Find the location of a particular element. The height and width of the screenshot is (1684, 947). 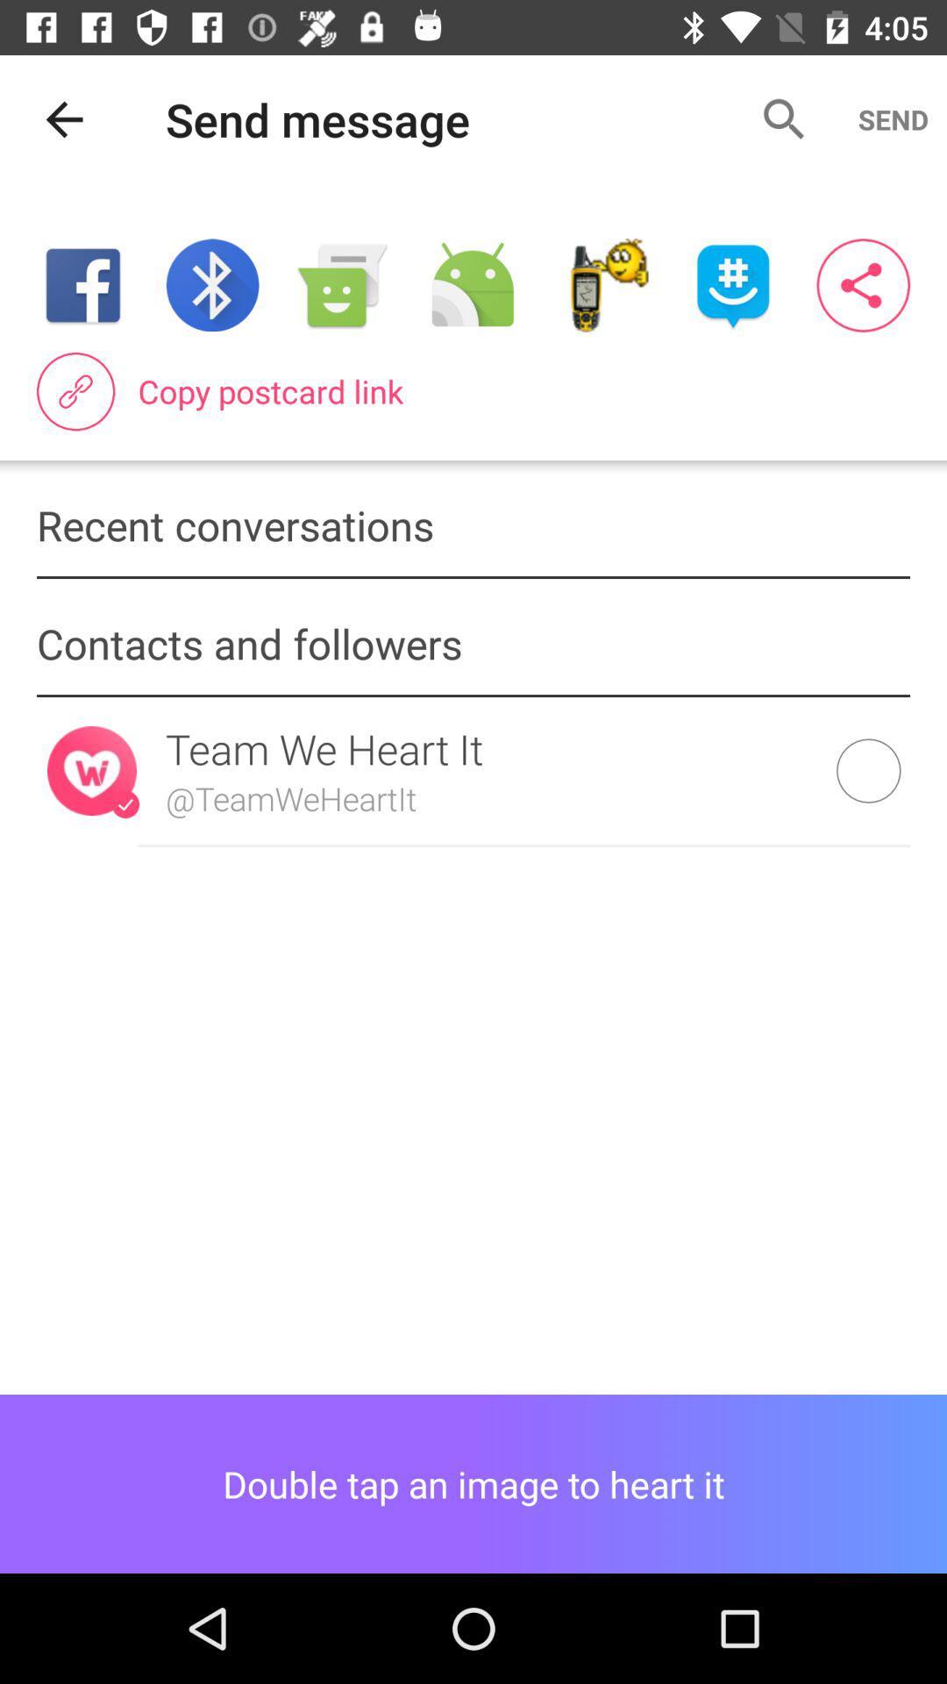

the bluetooth link is located at coordinates (211, 285).